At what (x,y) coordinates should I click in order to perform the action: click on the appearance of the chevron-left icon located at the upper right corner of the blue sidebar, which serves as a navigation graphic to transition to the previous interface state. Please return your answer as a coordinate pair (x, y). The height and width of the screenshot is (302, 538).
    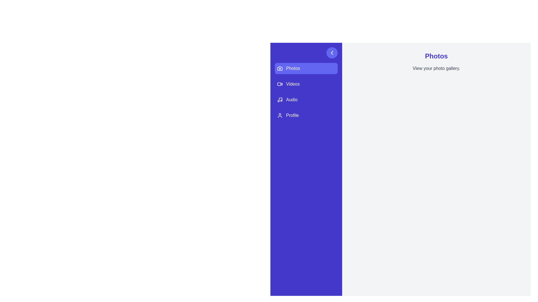
    Looking at the image, I should click on (332, 53).